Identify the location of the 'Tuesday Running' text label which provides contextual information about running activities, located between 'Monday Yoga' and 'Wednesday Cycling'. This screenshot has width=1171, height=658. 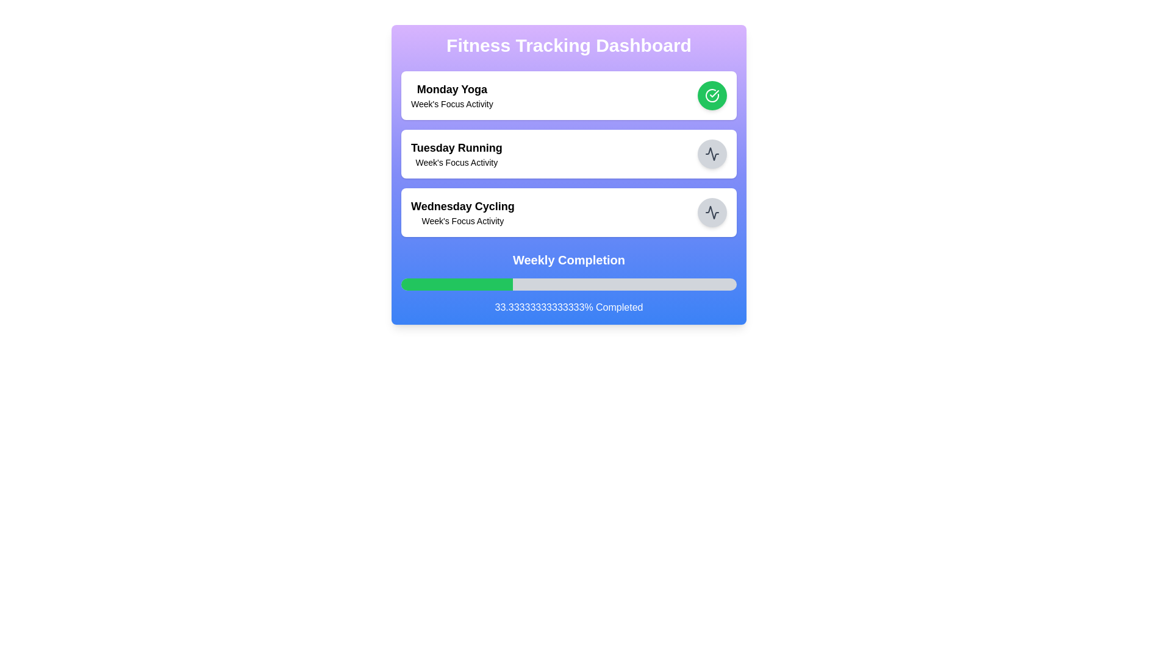
(456, 154).